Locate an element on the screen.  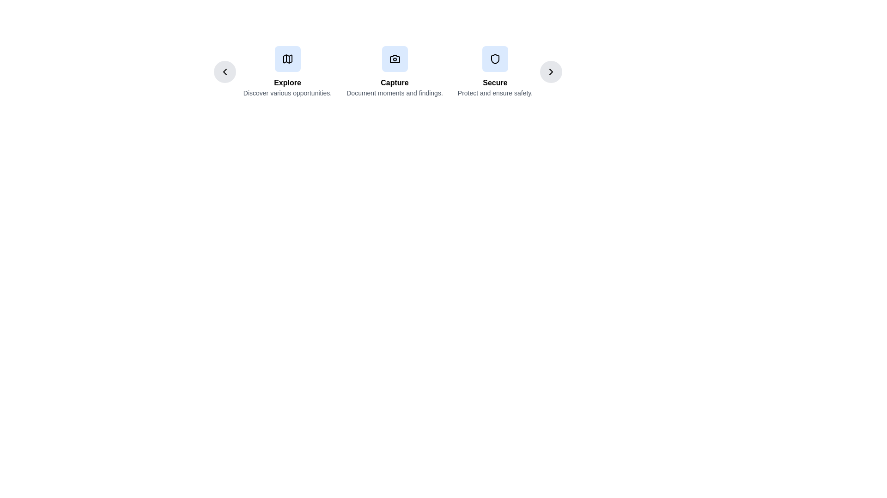
the informational block element that represents functionality related to capturing or documenting moments, positioned between the 'Explore' and 'Secure' blocks, to initiate an action related to capturing is located at coordinates (388, 71).